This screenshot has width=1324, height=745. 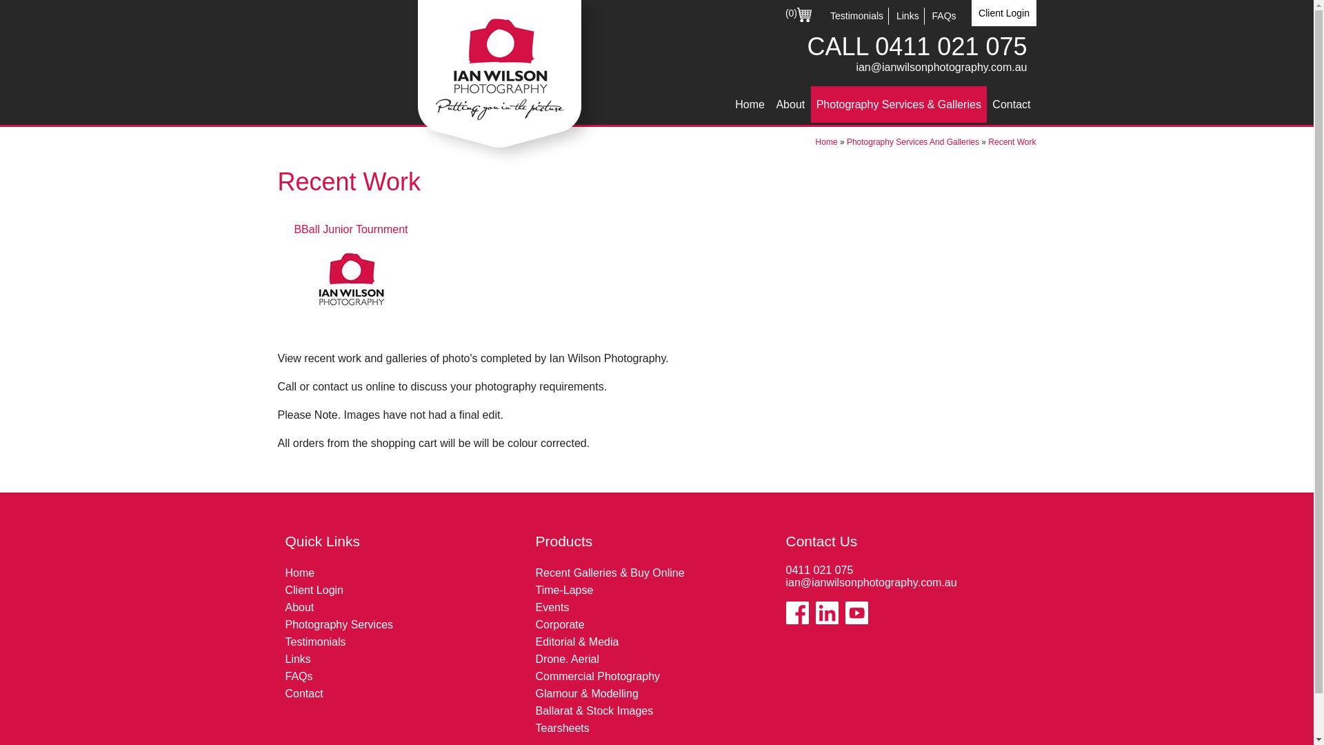 What do you see at coordinates (567, 658) in the screenshot?
I see `'Drone. Aerial'` at bounding box center [567, 658].